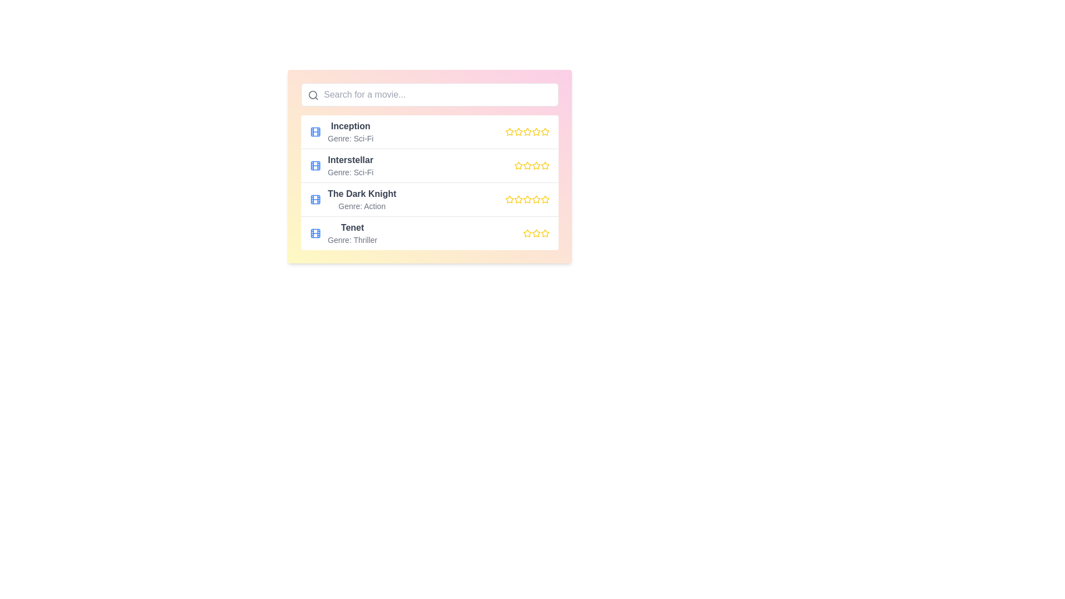  Describe the element at coordinates (545, 199) in the screenshot. I see `the fifth star-shaped rating icon for 'The Dark Knight', which has a hollow outline and a yellow color scheme` at that location.